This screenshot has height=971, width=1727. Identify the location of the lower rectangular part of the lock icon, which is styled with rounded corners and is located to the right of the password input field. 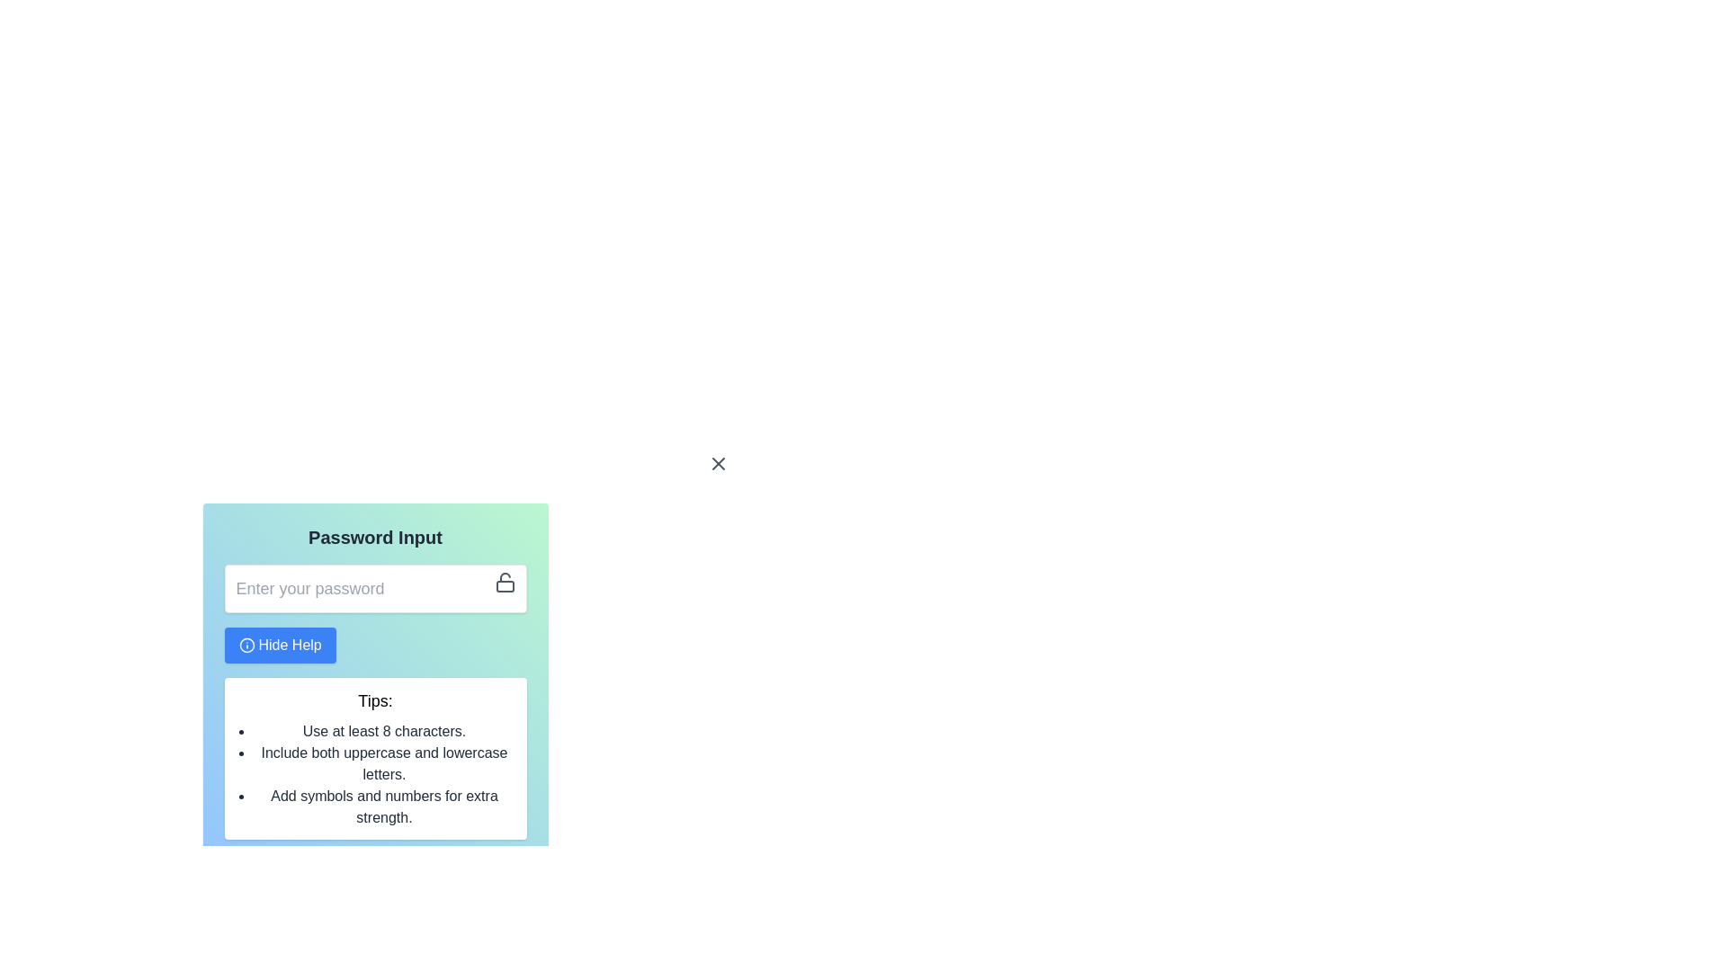
(504, 586).